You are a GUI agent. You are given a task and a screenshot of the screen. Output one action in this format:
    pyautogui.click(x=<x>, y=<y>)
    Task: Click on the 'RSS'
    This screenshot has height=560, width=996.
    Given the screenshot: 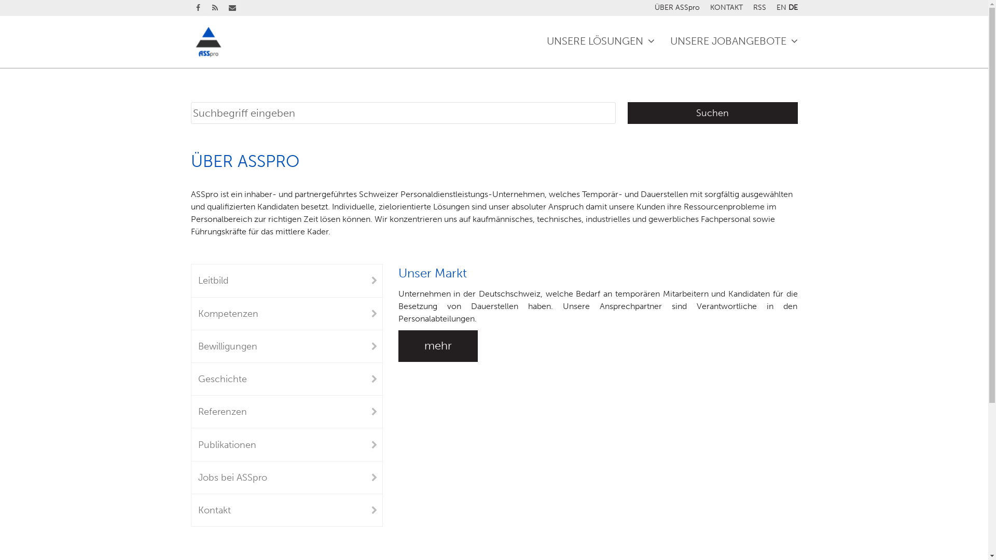 What is the action you would take?
    pyautogui.click(x=214, y=8)
    